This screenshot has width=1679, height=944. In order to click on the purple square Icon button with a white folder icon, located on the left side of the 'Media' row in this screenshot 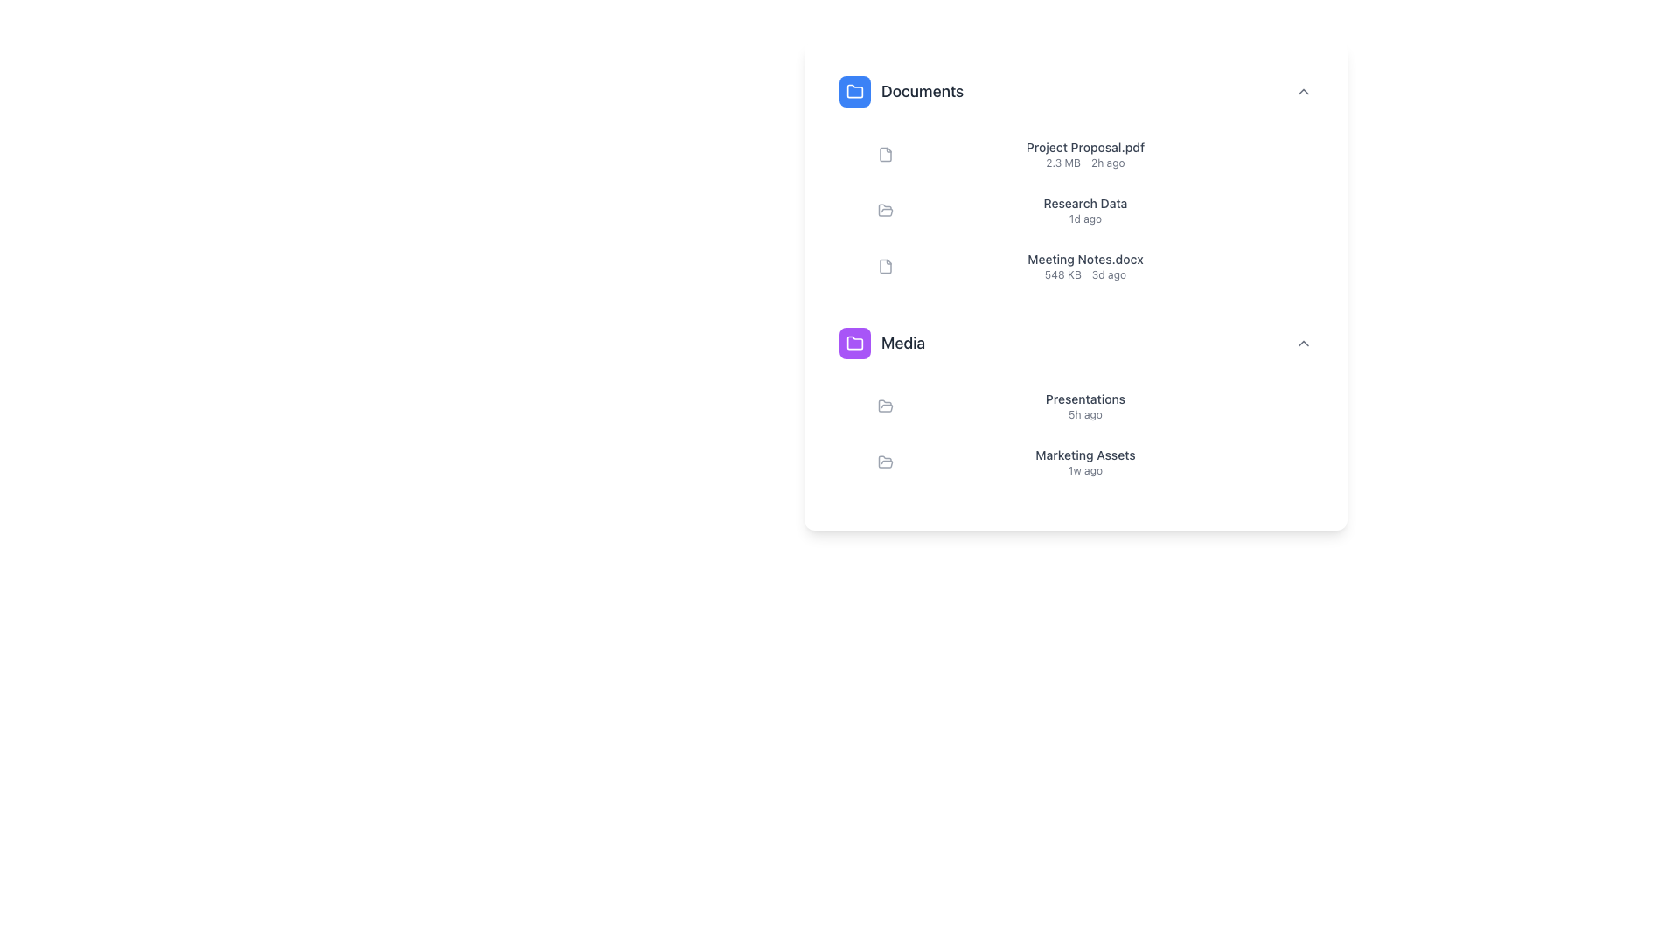, I will do `click(855, 344)`.